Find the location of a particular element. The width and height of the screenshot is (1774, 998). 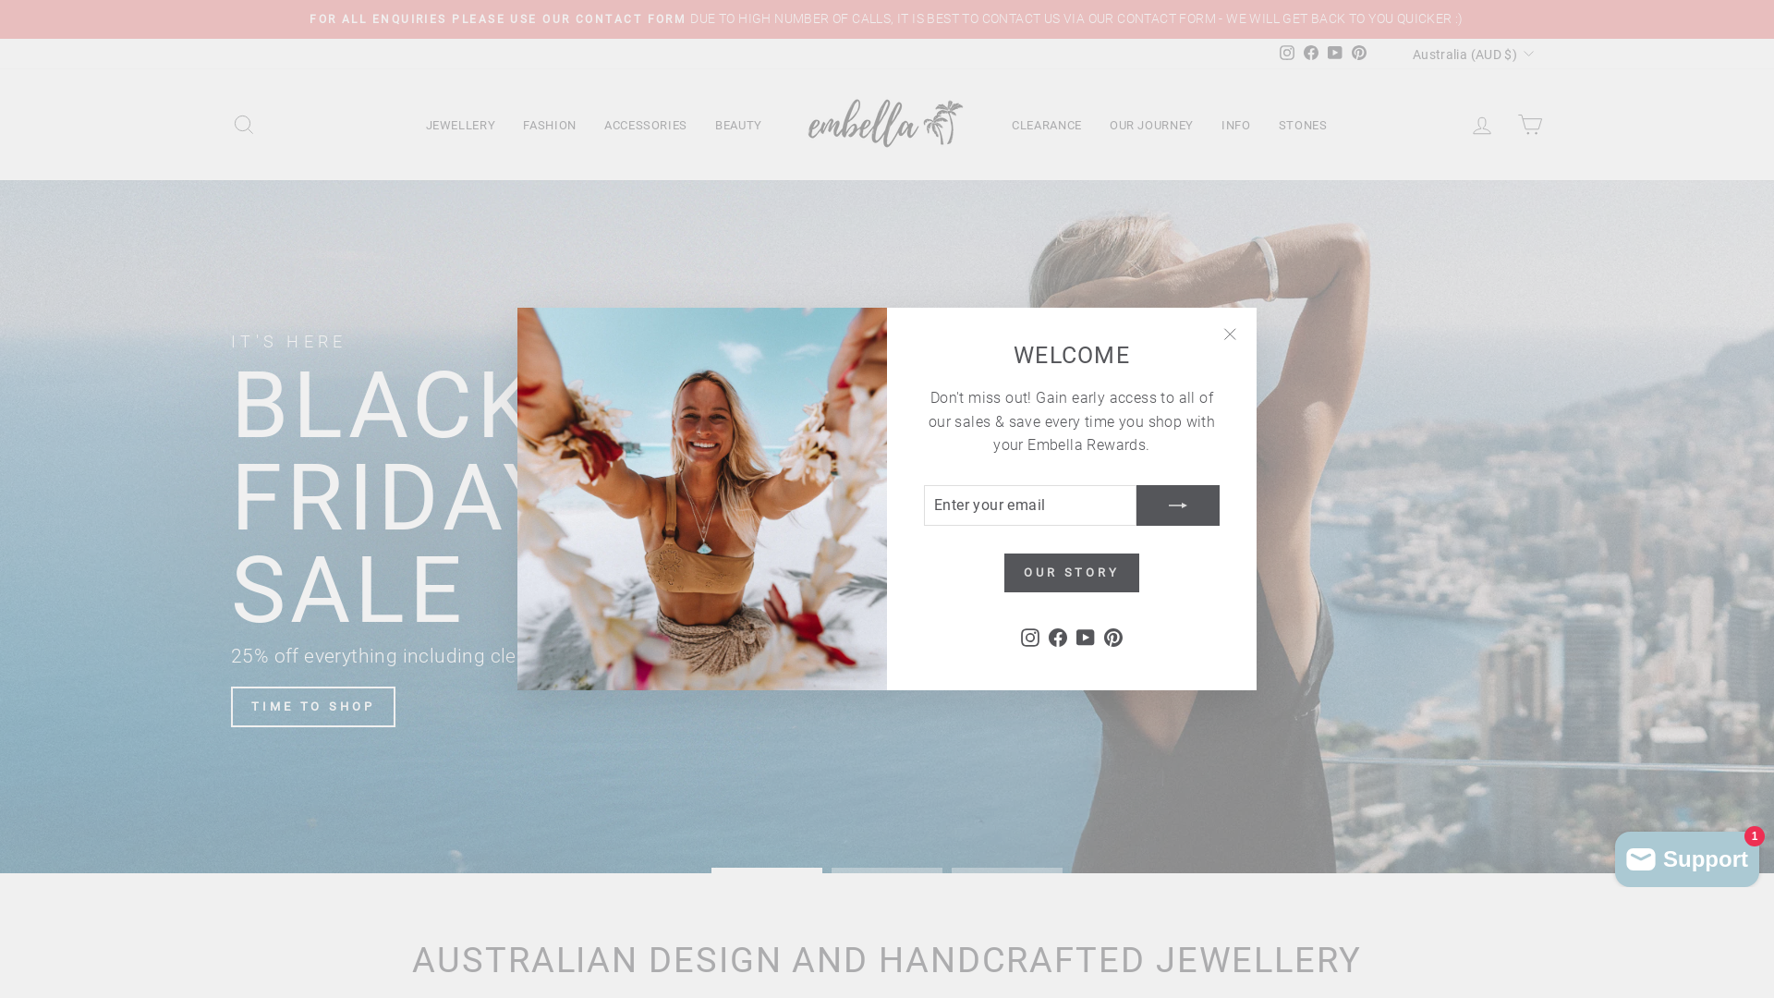

'OUR JOURNEY' is located at coordinates (1150, 125).